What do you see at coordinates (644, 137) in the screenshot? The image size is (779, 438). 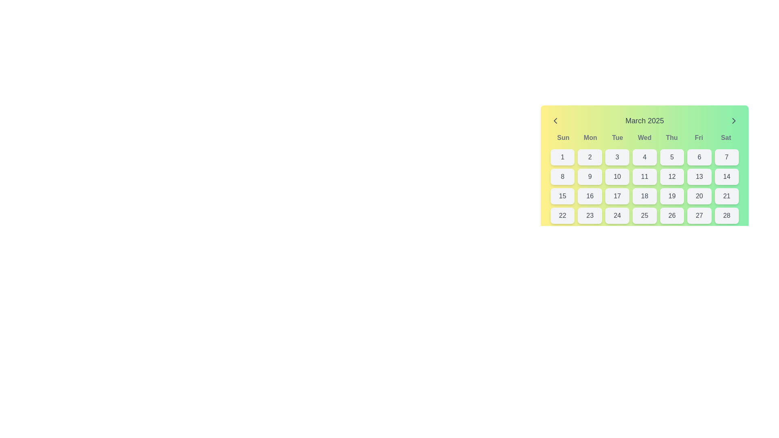 I see `the static text label representing Wednesday in the calendar header row, located between 'Tue' and 'Thu'` at bounding box center [644, 137].